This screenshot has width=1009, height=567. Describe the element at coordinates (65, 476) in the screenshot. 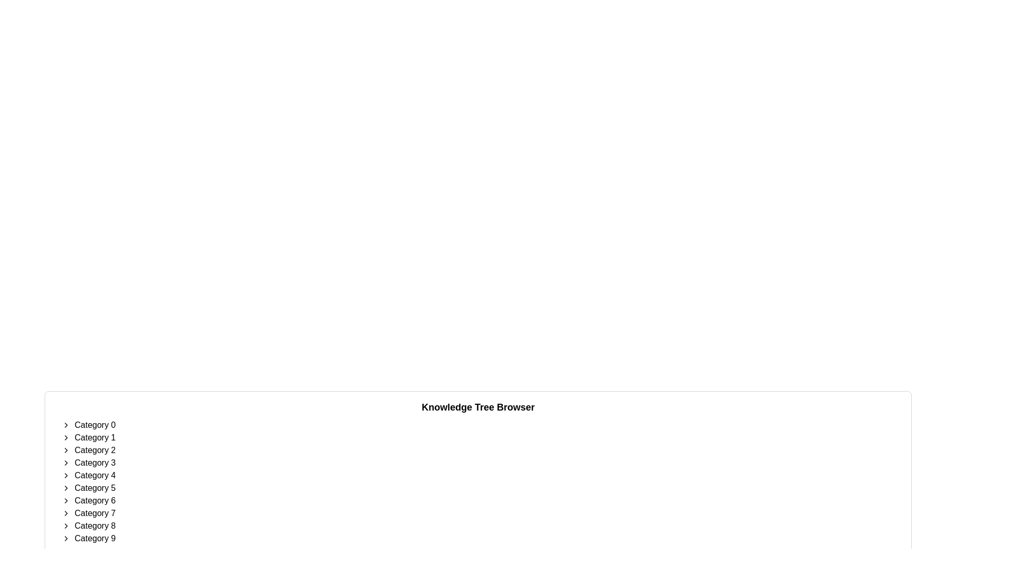

I see `the right-pointing chevron icon preceding the label 'Category 4'` at that location.